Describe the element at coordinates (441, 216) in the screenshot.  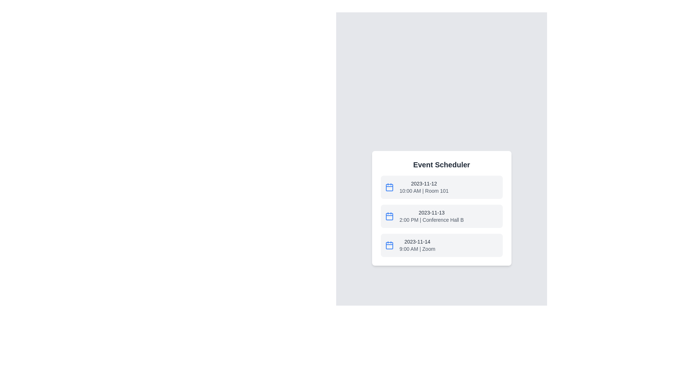
I see `a list item in the 'Event Scheduler' card` at that location.